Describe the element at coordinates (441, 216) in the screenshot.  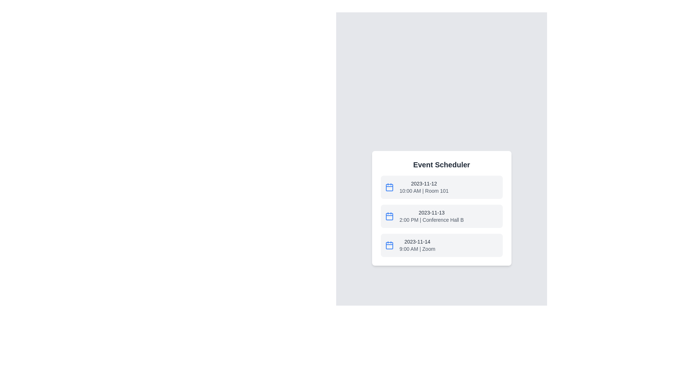
I see `a list item in the 'Event Scheduler' card` at that location.